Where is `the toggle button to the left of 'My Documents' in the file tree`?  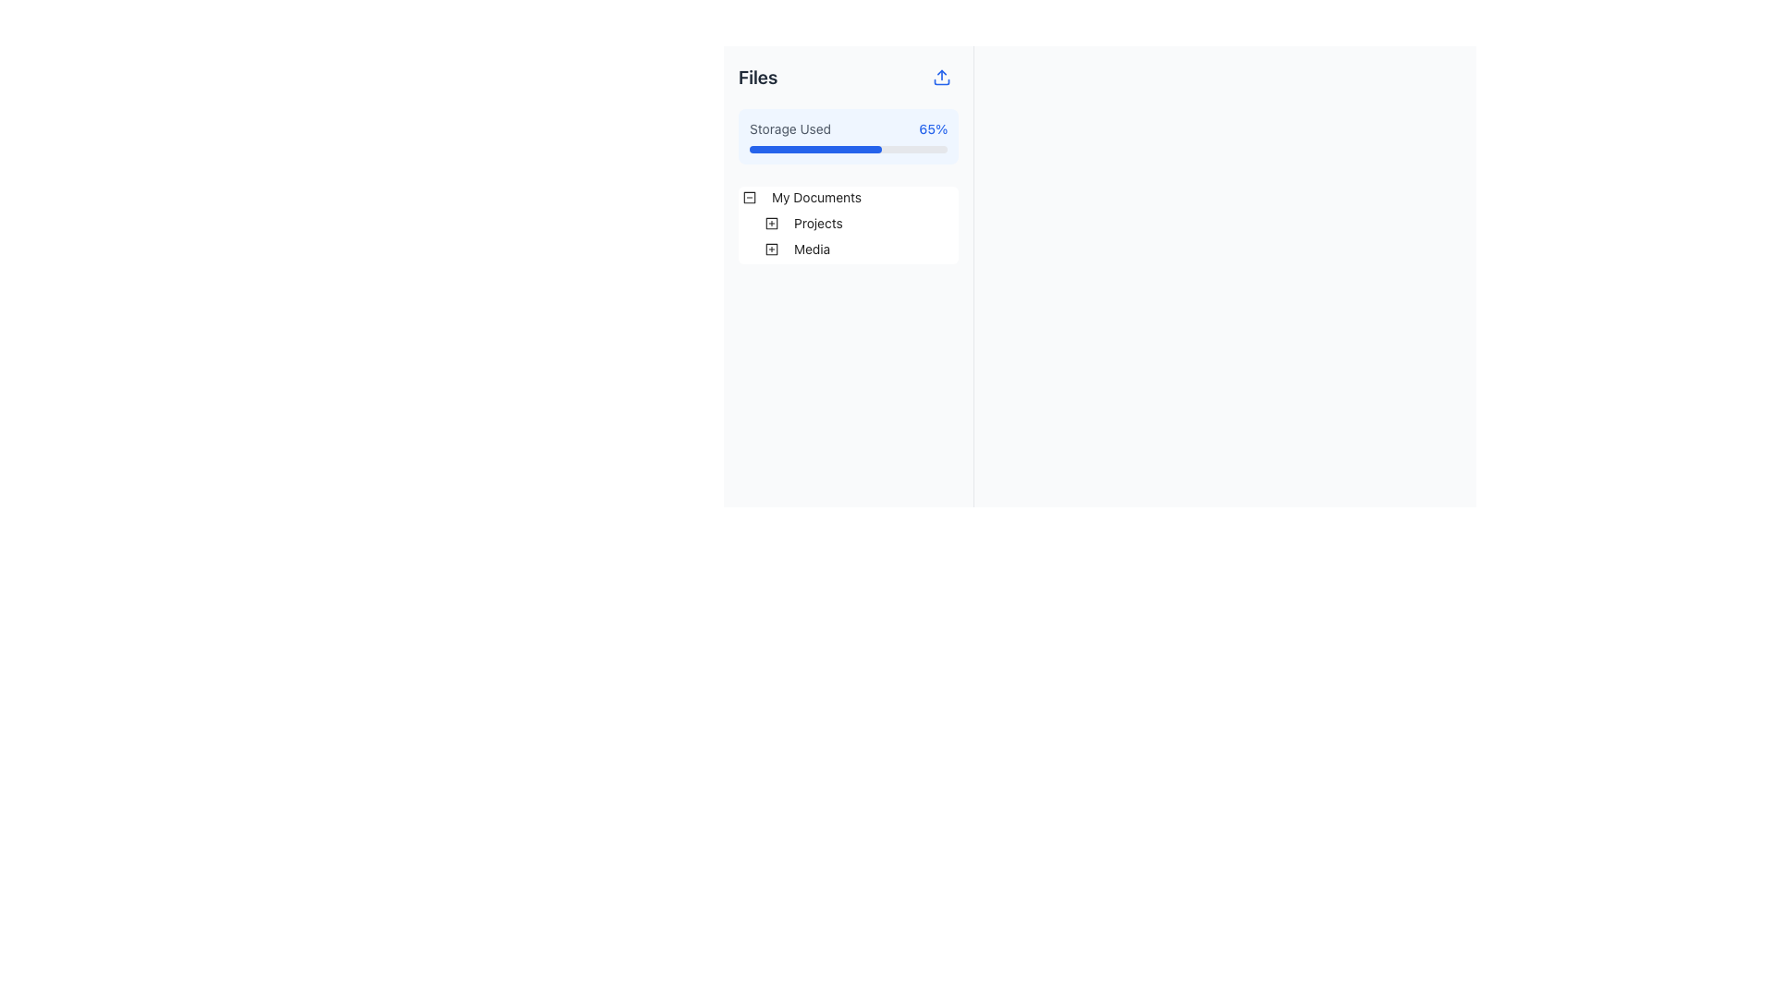 the toggle button to the left of 'My Documents' in the file tree is located at coordinates (750, 197).